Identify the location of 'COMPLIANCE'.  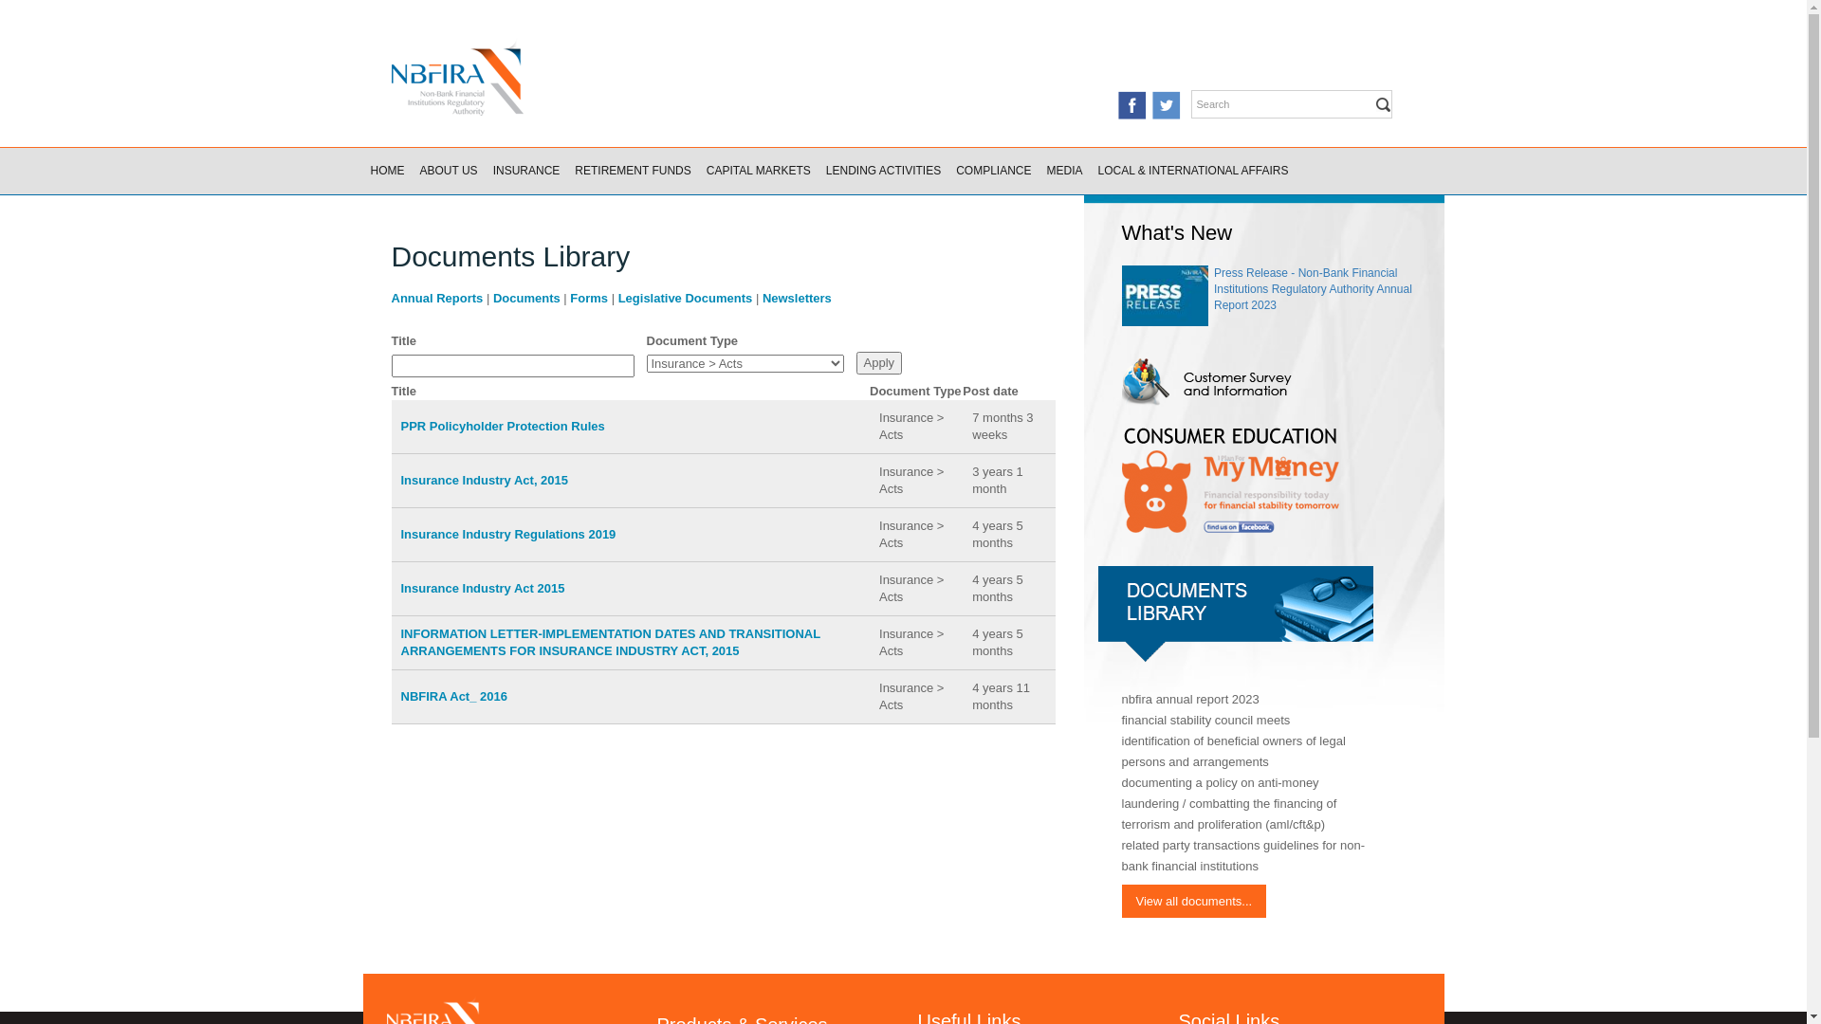
(992, 171).